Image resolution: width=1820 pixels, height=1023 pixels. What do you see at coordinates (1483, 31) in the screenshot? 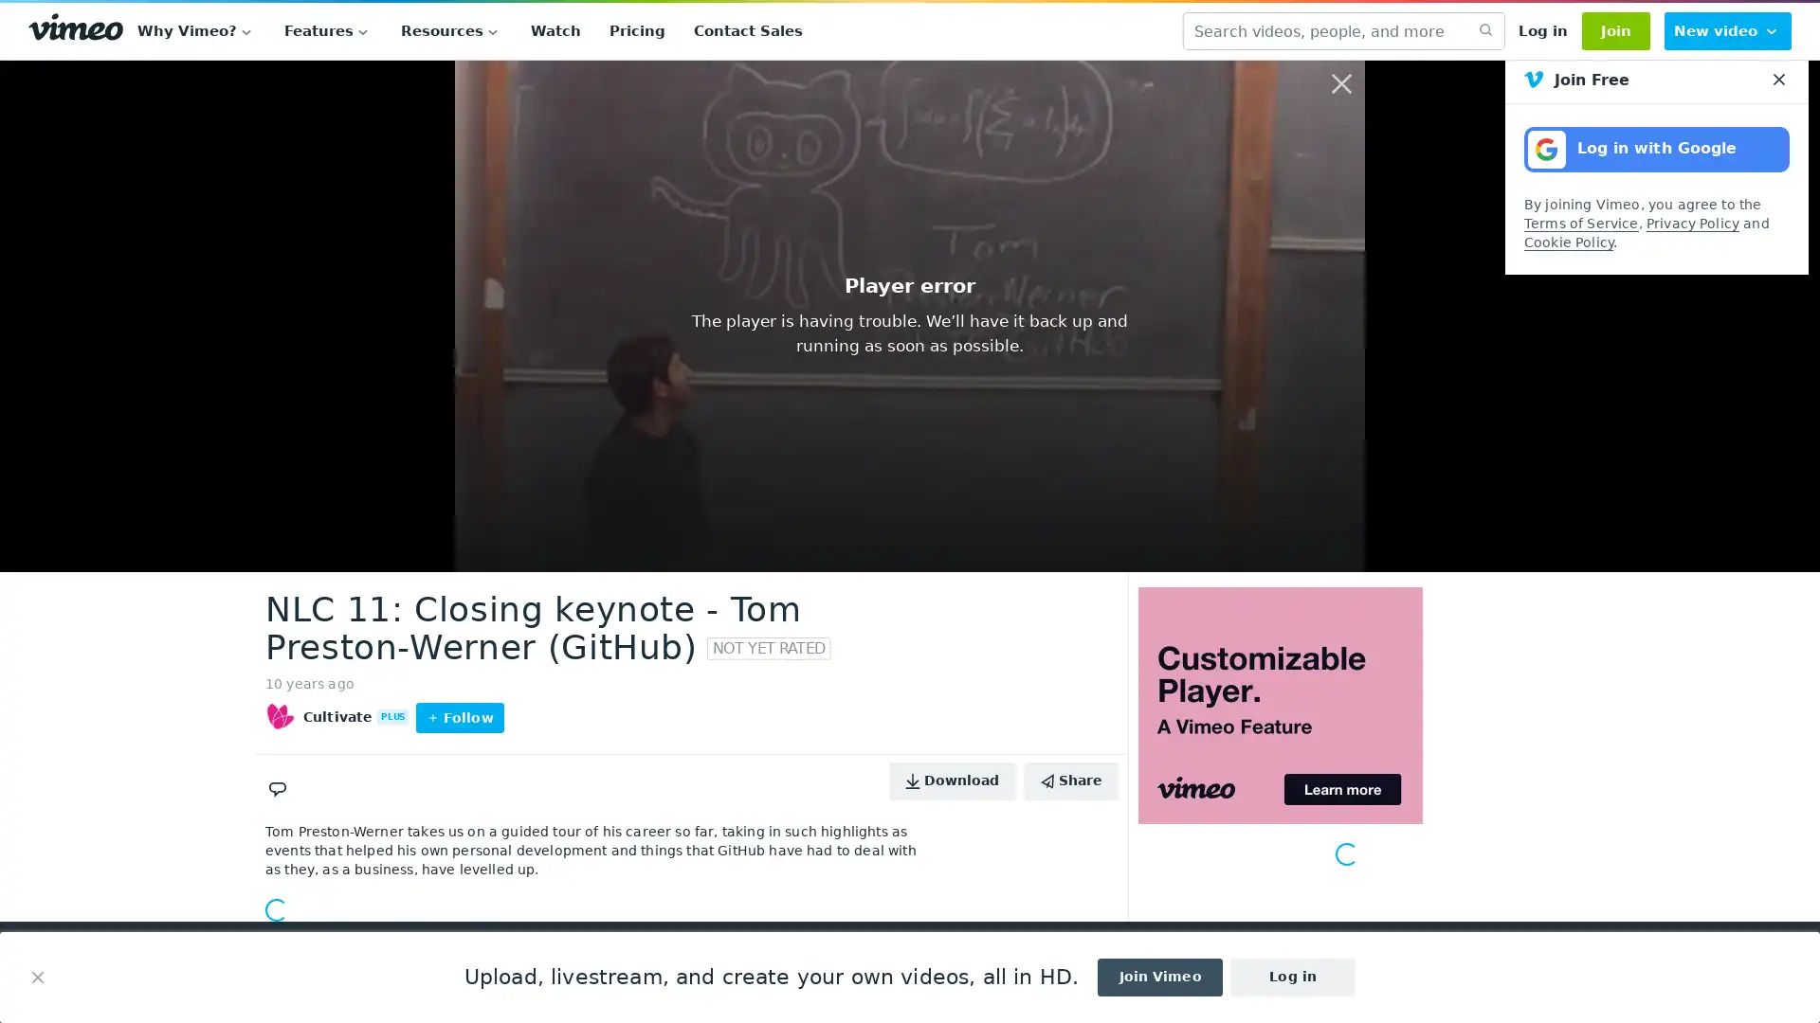
I see `submit` at bounding box center [1483, 31].